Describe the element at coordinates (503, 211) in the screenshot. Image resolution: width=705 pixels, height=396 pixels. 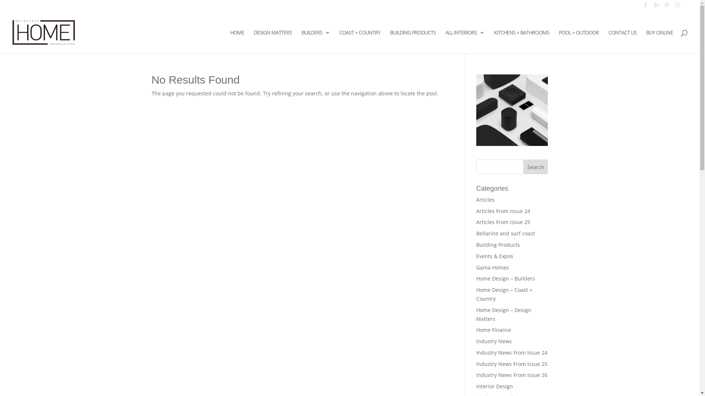
I see `'Articles From Issue 24'` at that location.